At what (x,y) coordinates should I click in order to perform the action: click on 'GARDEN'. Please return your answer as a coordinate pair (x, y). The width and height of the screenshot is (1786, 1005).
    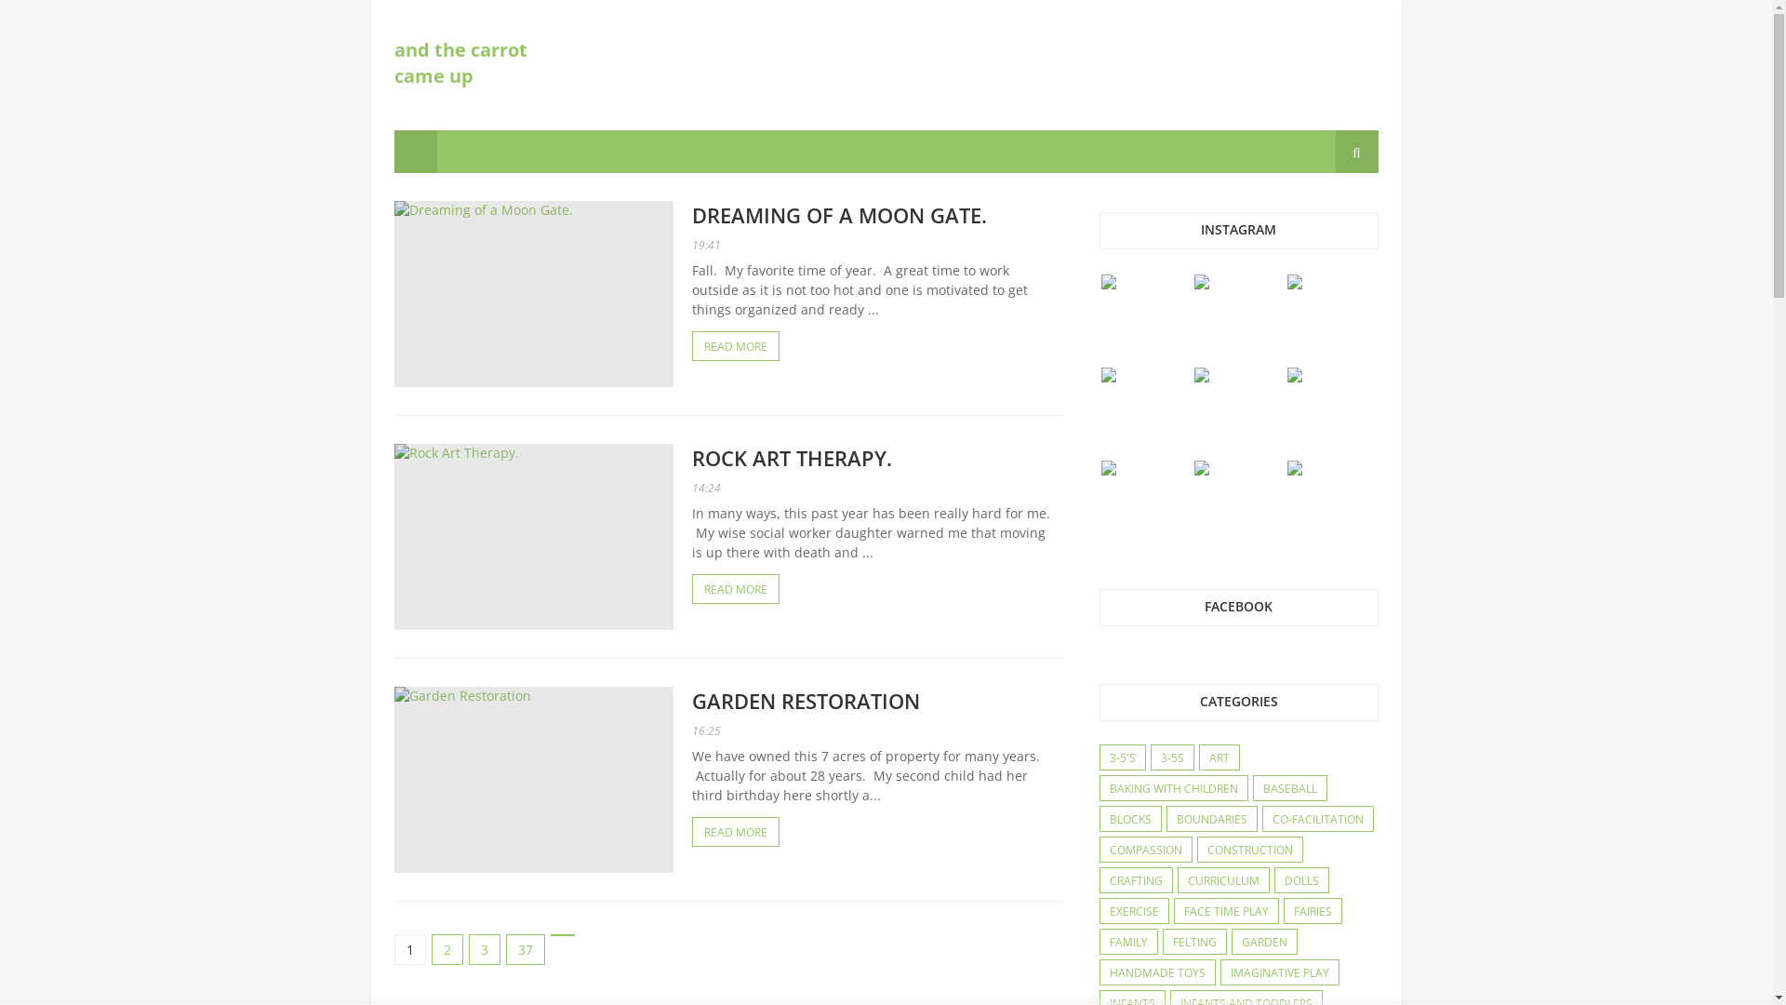
    Looking at the image, I should click on (1263, 943).